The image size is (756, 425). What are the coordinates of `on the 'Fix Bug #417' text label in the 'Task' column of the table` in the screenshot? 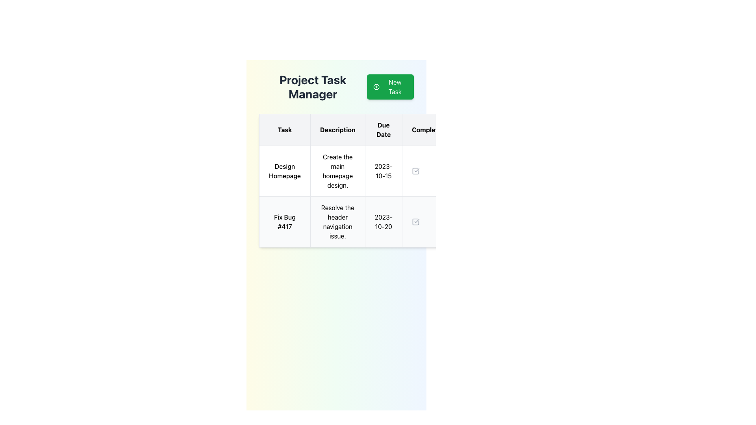 It's located at (284, 222).